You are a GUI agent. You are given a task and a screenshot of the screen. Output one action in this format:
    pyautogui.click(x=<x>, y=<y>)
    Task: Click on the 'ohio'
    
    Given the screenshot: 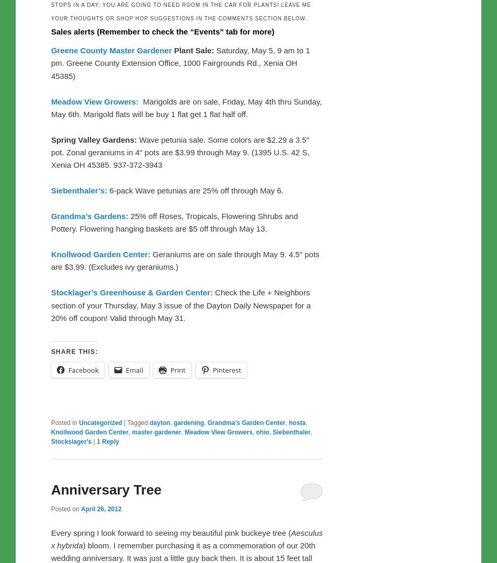 What is the action you would take?
    pyautogui.click(x=262, y=431)
    